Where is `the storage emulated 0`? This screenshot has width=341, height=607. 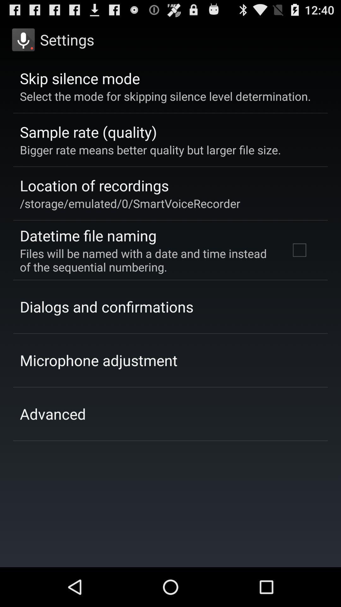
the storage emulated 0 is located at coordinates (130, 203).